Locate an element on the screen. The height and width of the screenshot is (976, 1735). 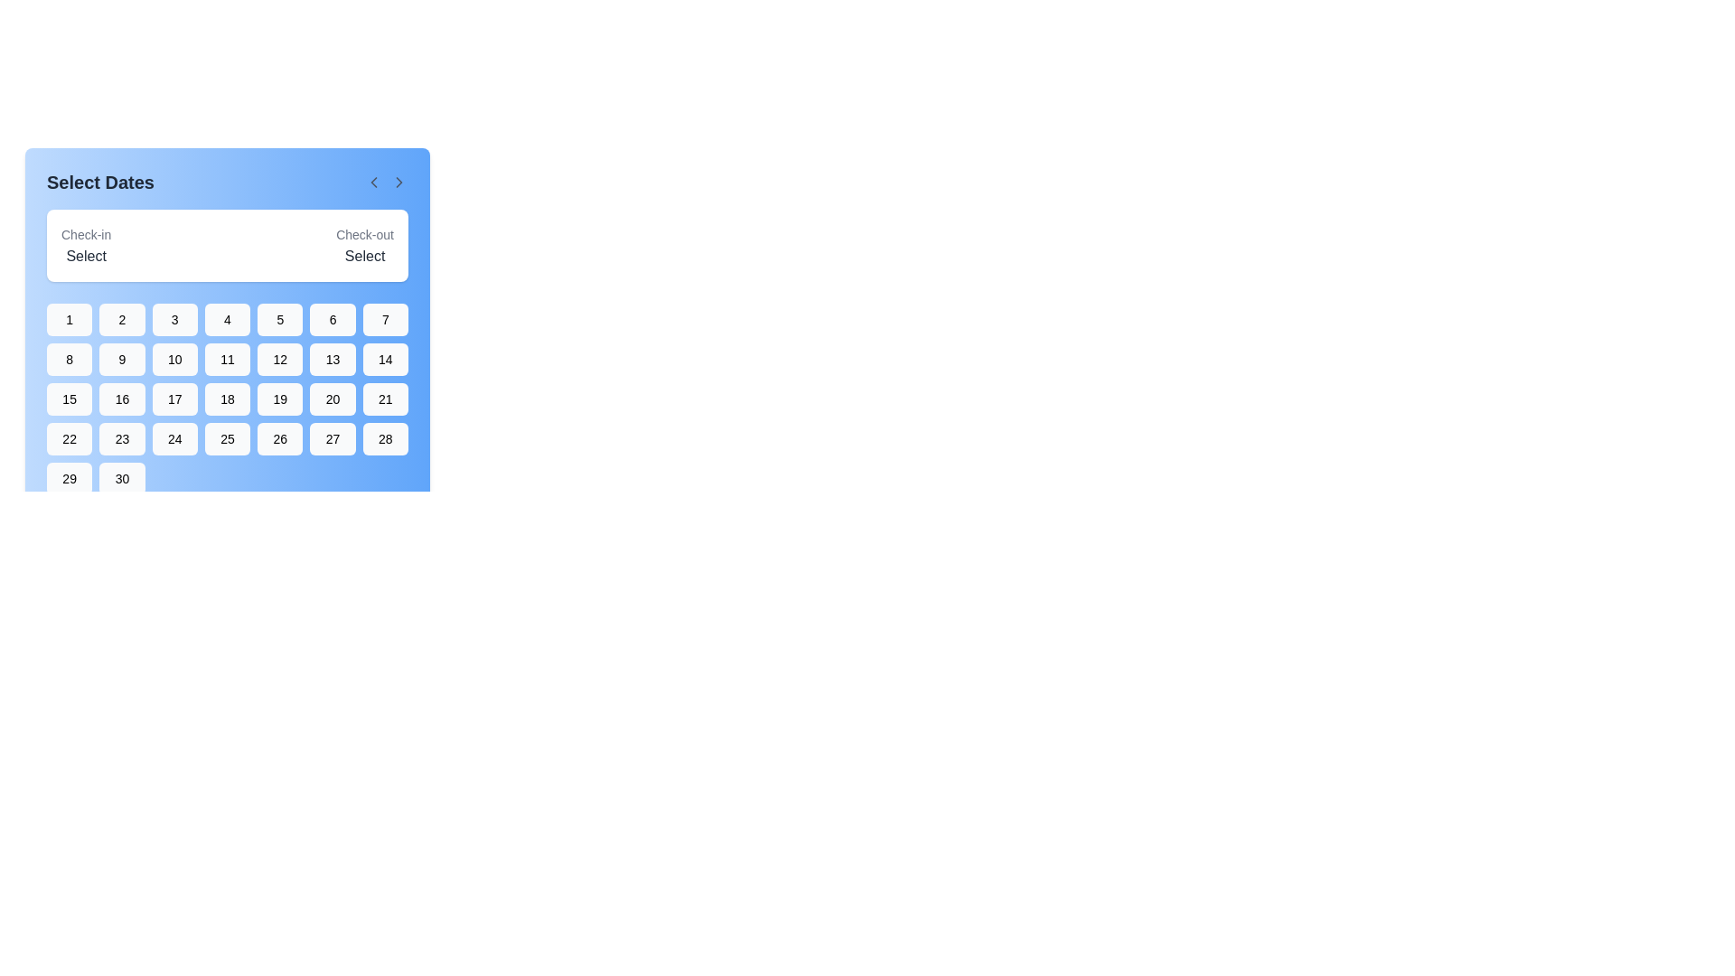
the square button with rounded corners labeled '25' in the calendar date selector is located at coordinates (226, 439).